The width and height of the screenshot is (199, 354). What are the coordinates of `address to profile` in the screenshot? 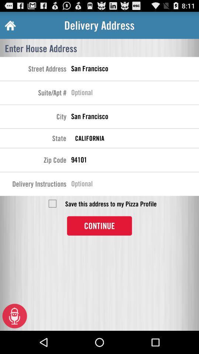 It's located at (52, 204).